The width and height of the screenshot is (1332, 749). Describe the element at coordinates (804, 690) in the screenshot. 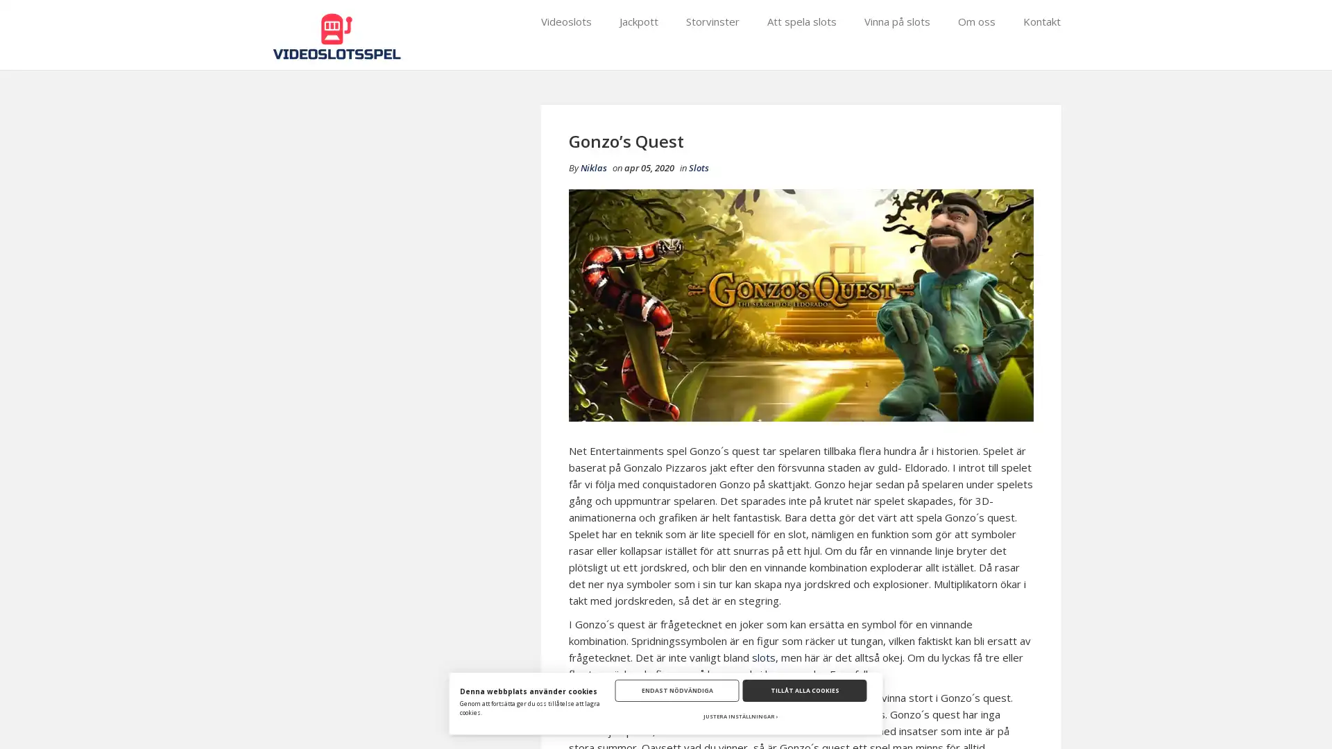

I see `TILLAT ALLA COOKIES` at that location.